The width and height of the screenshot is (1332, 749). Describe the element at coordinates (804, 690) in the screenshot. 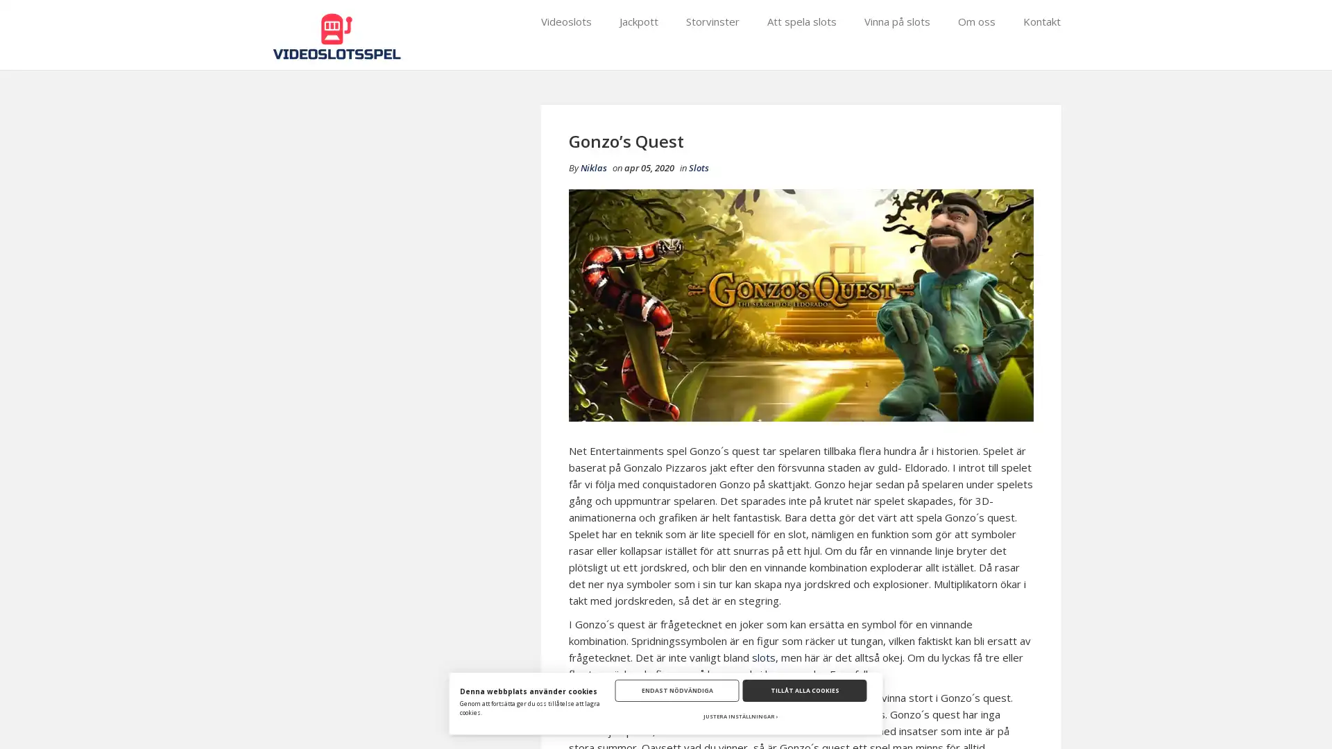

I see `TILLAT ALLA COOKIES` at that location.